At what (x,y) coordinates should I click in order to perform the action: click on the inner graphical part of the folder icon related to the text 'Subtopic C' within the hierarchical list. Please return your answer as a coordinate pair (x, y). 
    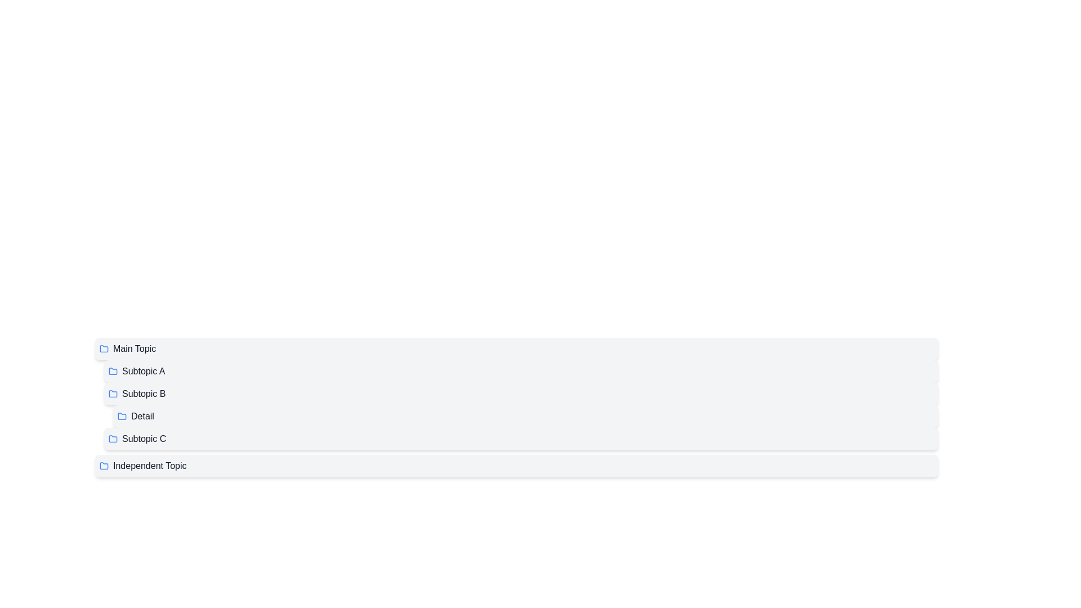
    Looking at the image, I should click on (113, 438).